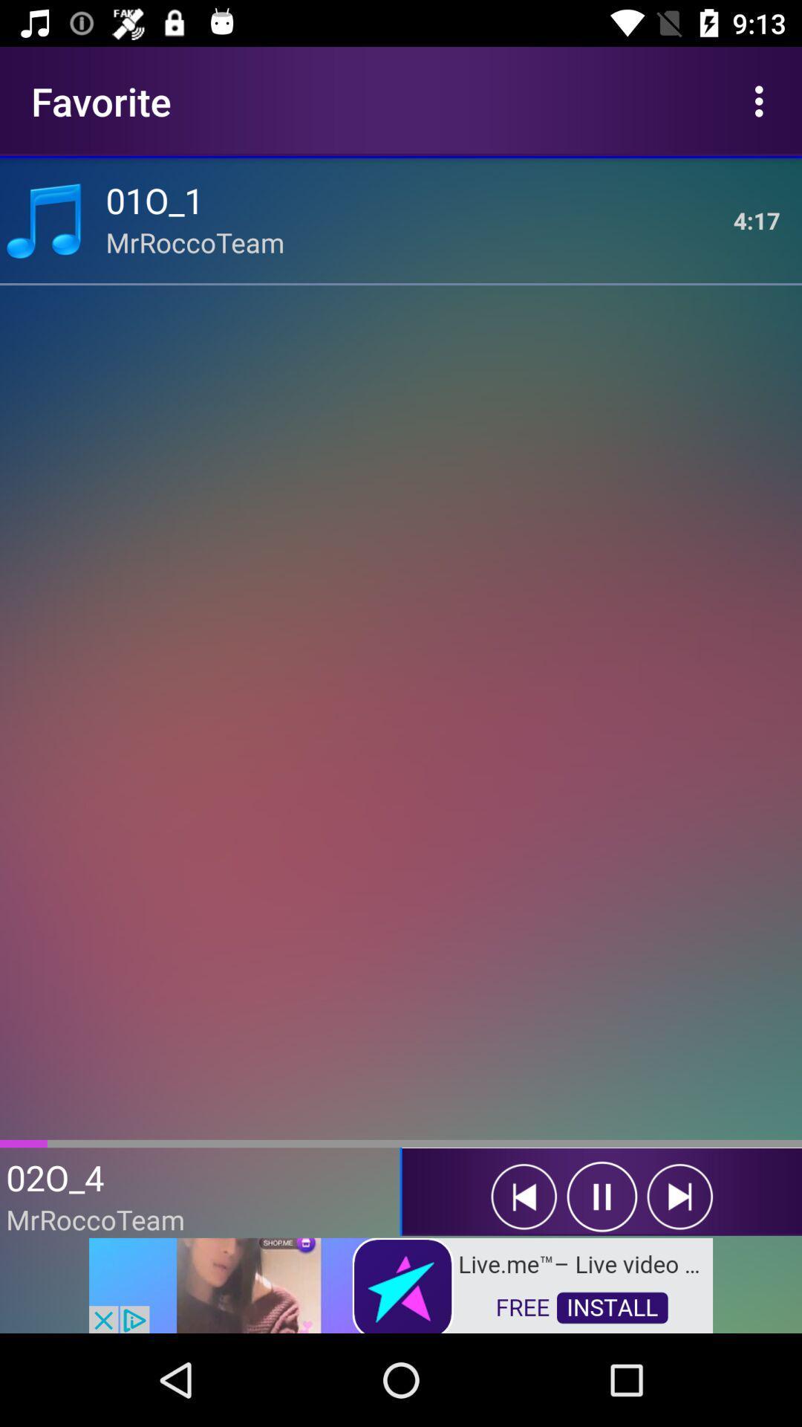 The width and height of the screenshot is (802, 1427). What do you see at coordinates (601, 1197) in the screenshot?
I see `the pause icon` at bounding box center [601, 1197].